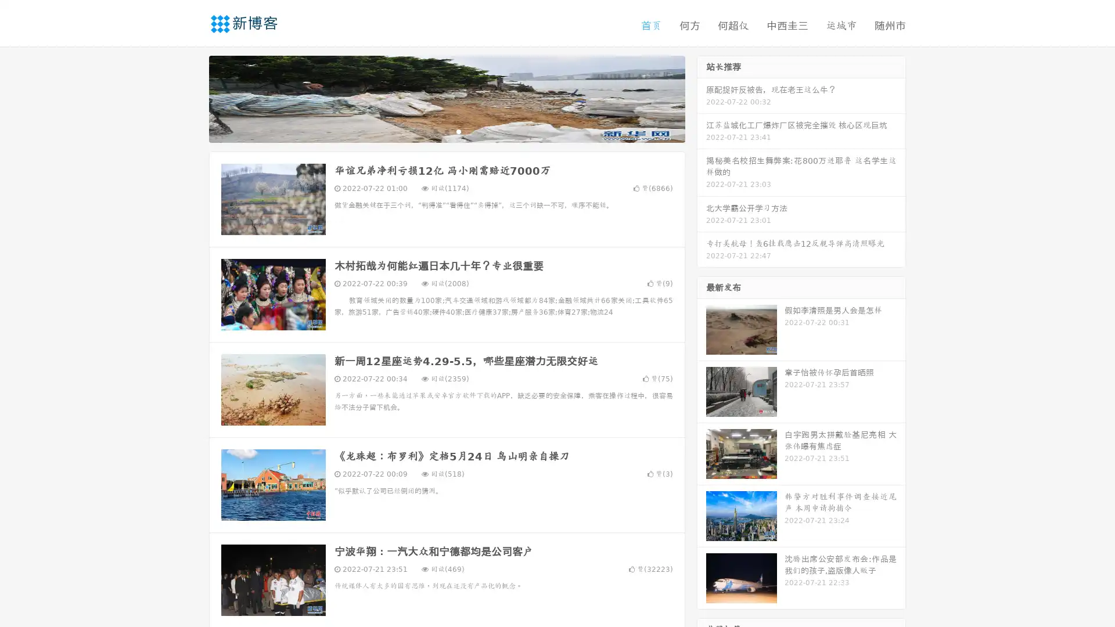 The image size is (1115, 627). What do you see at coordinates (192, 98) in the screenshot?
I see `Previous slide` at bounding box center [192, 98].